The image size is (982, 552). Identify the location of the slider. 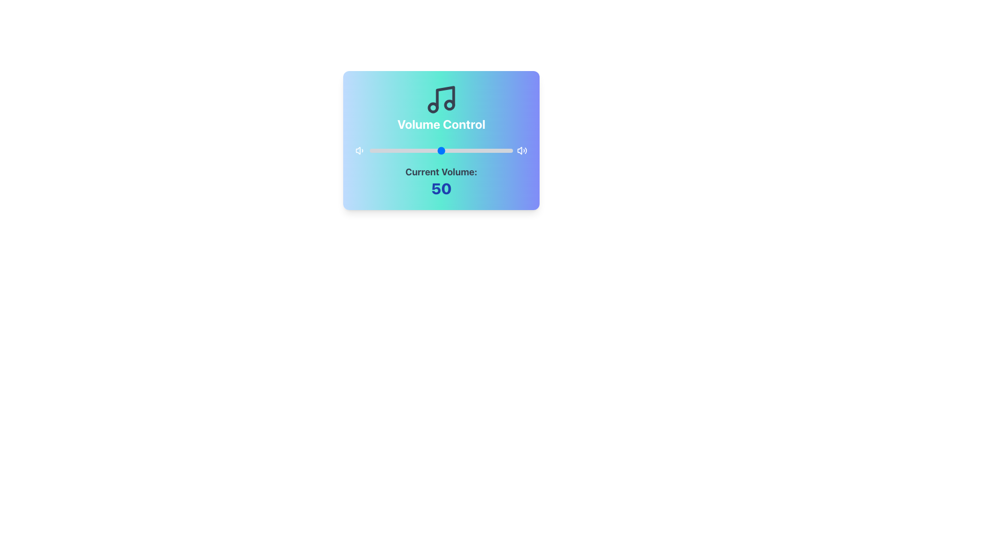
(482, 150).